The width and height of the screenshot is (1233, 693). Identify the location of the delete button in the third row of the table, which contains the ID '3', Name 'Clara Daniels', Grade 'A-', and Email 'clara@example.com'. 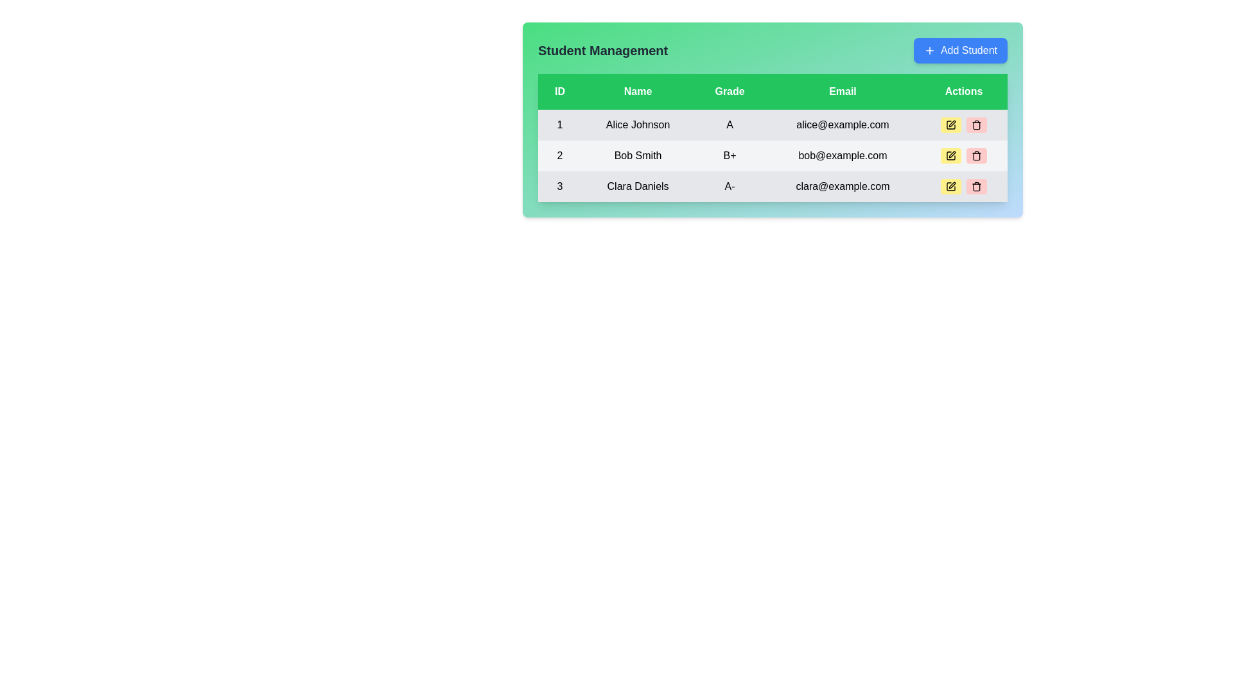
(772, 186).